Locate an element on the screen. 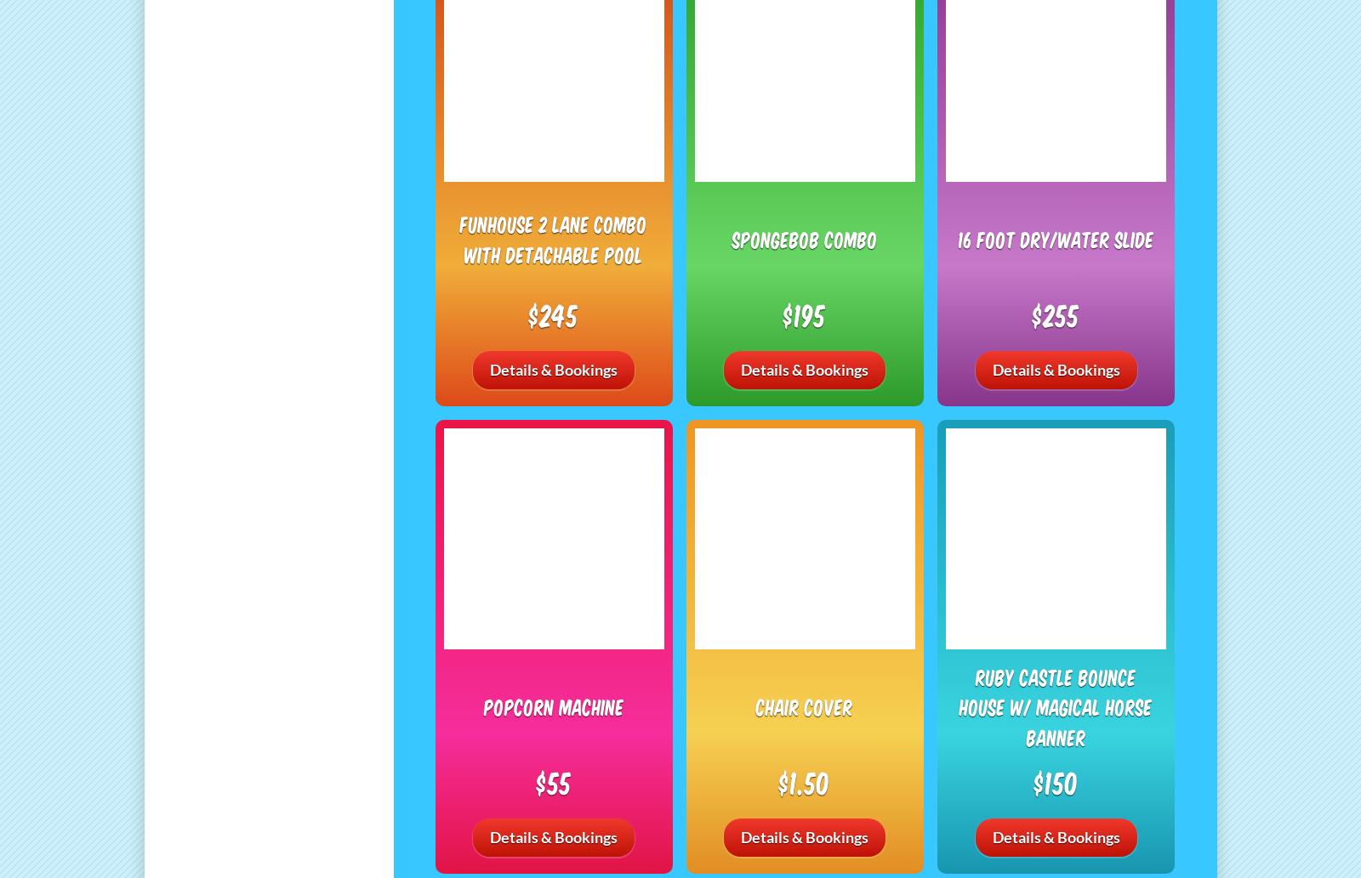 The image size is (1361, 878). 'Chair Cover' is located at coordinates (804, 706).